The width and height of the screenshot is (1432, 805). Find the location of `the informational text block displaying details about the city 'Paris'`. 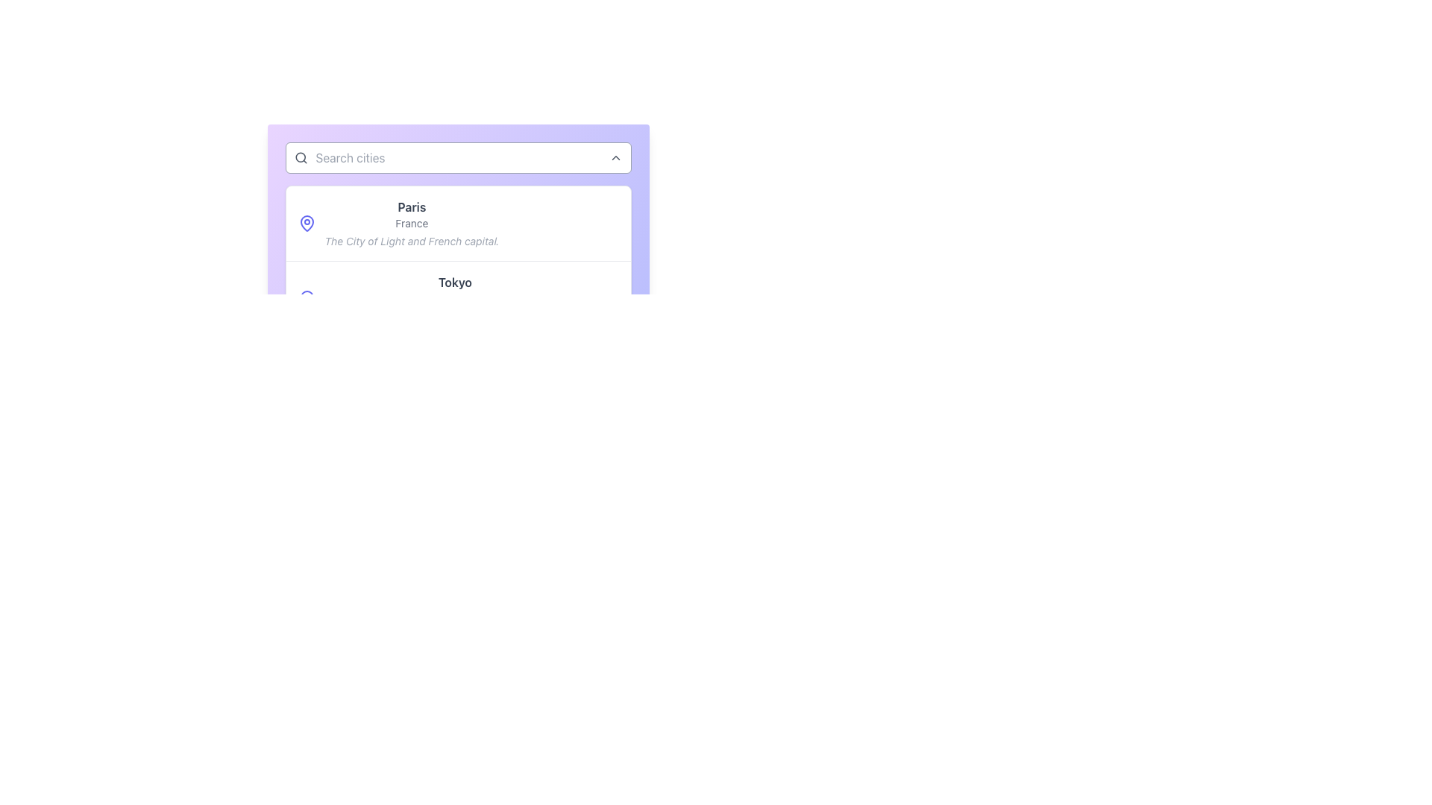

the informational text block displaying details about the city 'Paris' is located at coordinates (412, 224).